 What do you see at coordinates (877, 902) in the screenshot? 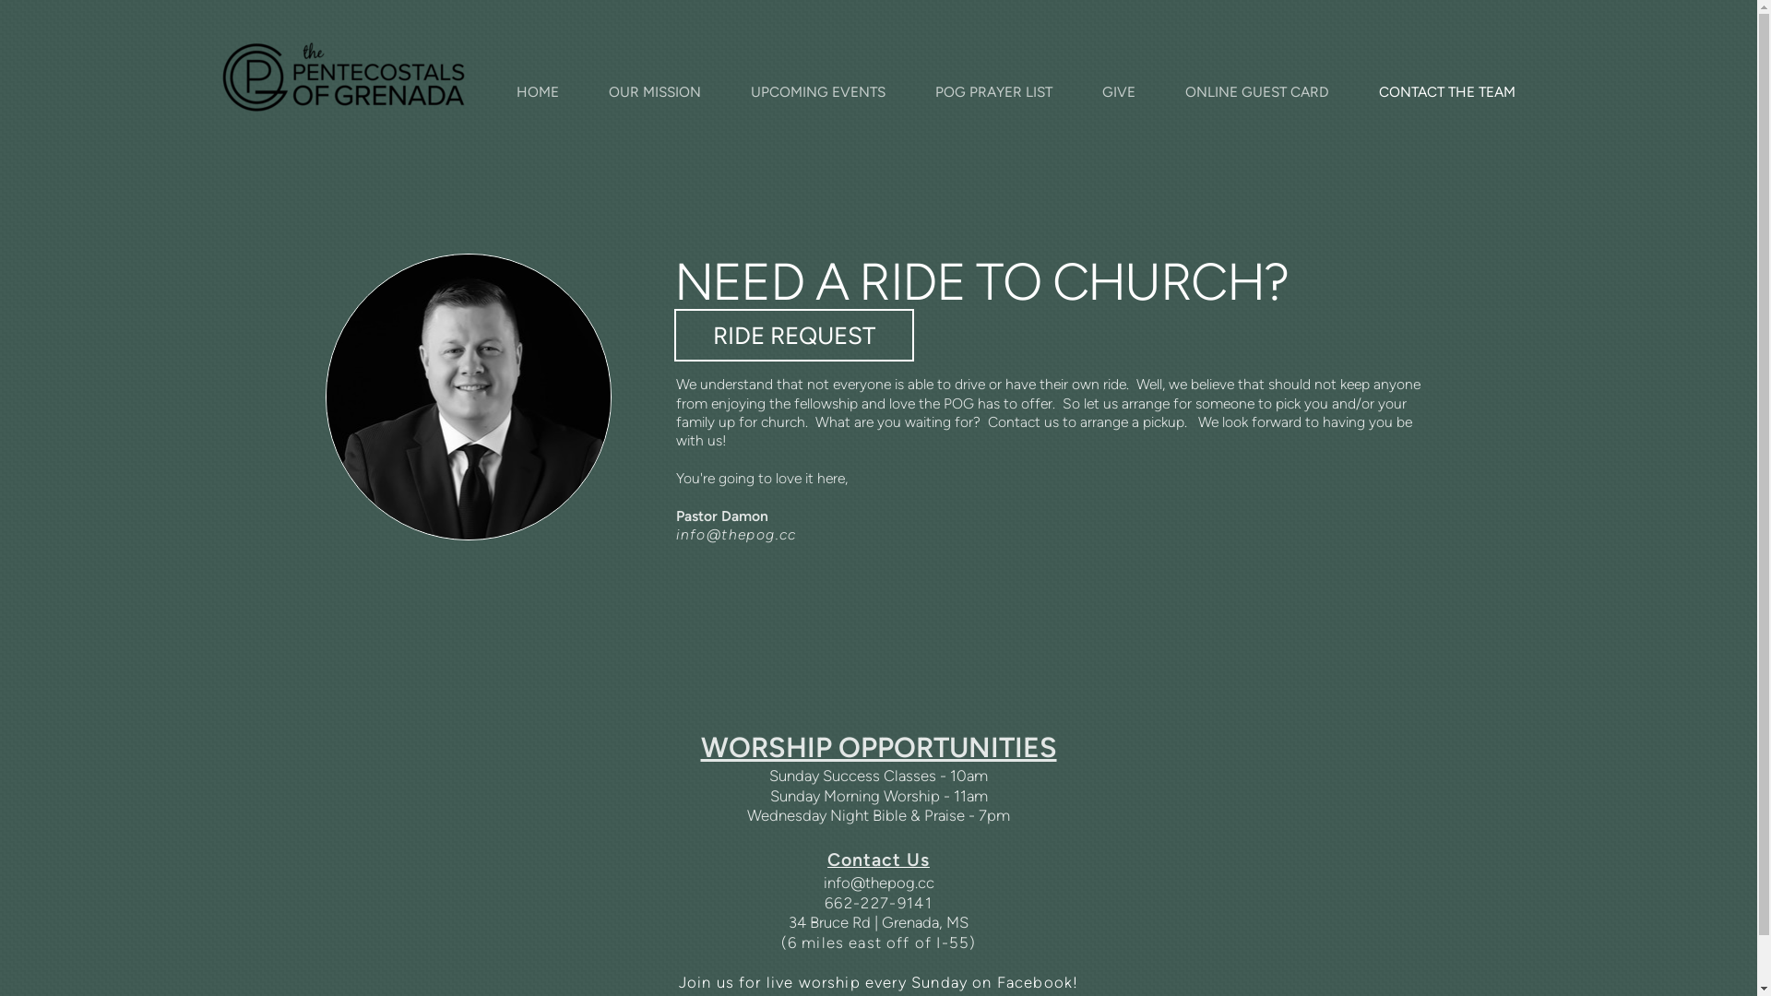
I see `'662-227-9141'` at bounding box center [877, 902].